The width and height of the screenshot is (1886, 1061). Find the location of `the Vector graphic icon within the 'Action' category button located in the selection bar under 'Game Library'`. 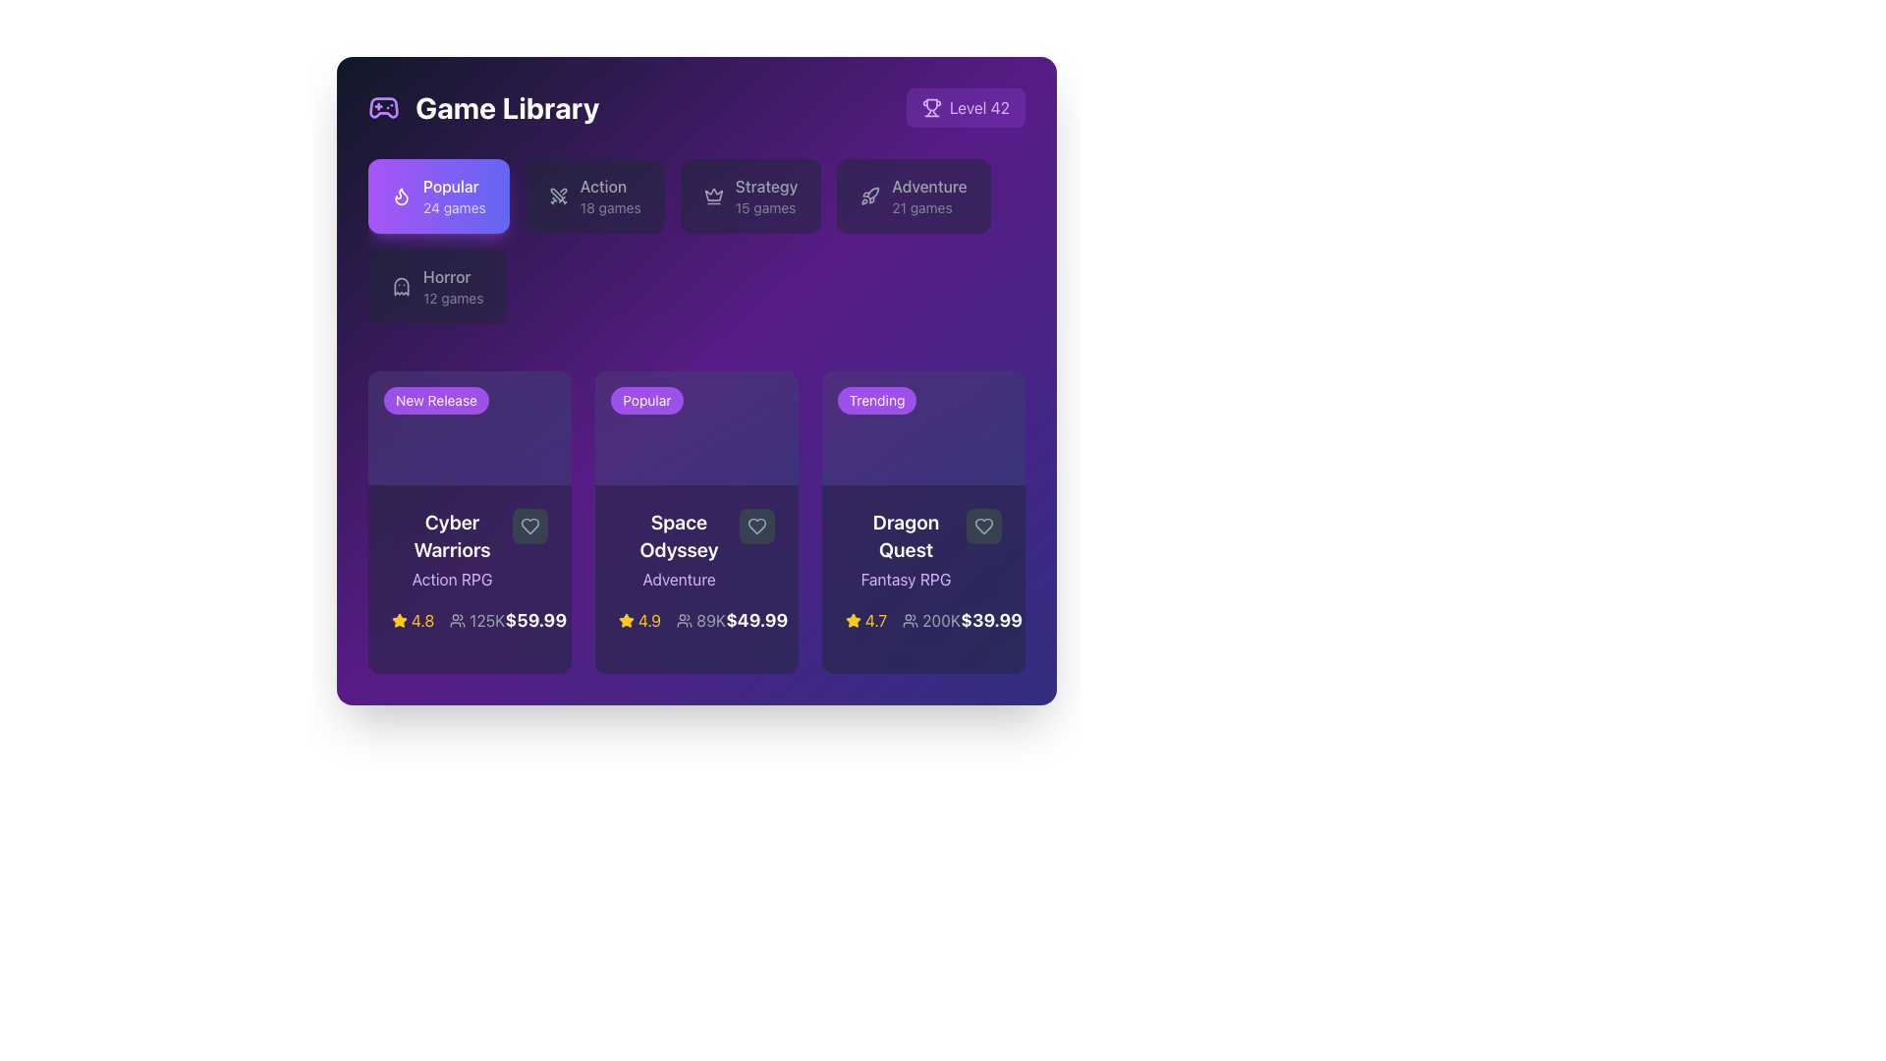

the Vector graphic icon within the 'Action' category button located in the selection bar under 'Game Library' is located at coordinates (557, 196).